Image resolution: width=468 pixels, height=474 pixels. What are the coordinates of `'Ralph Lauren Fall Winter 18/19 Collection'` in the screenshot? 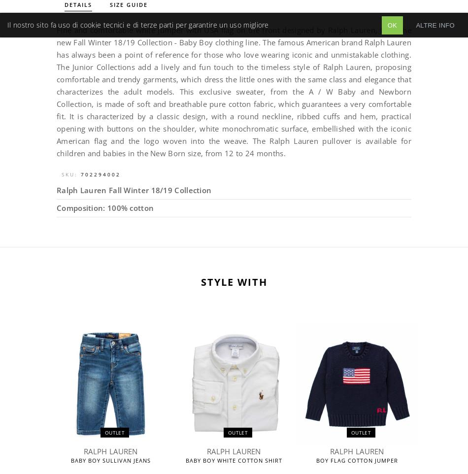 It's located at (57, 189).